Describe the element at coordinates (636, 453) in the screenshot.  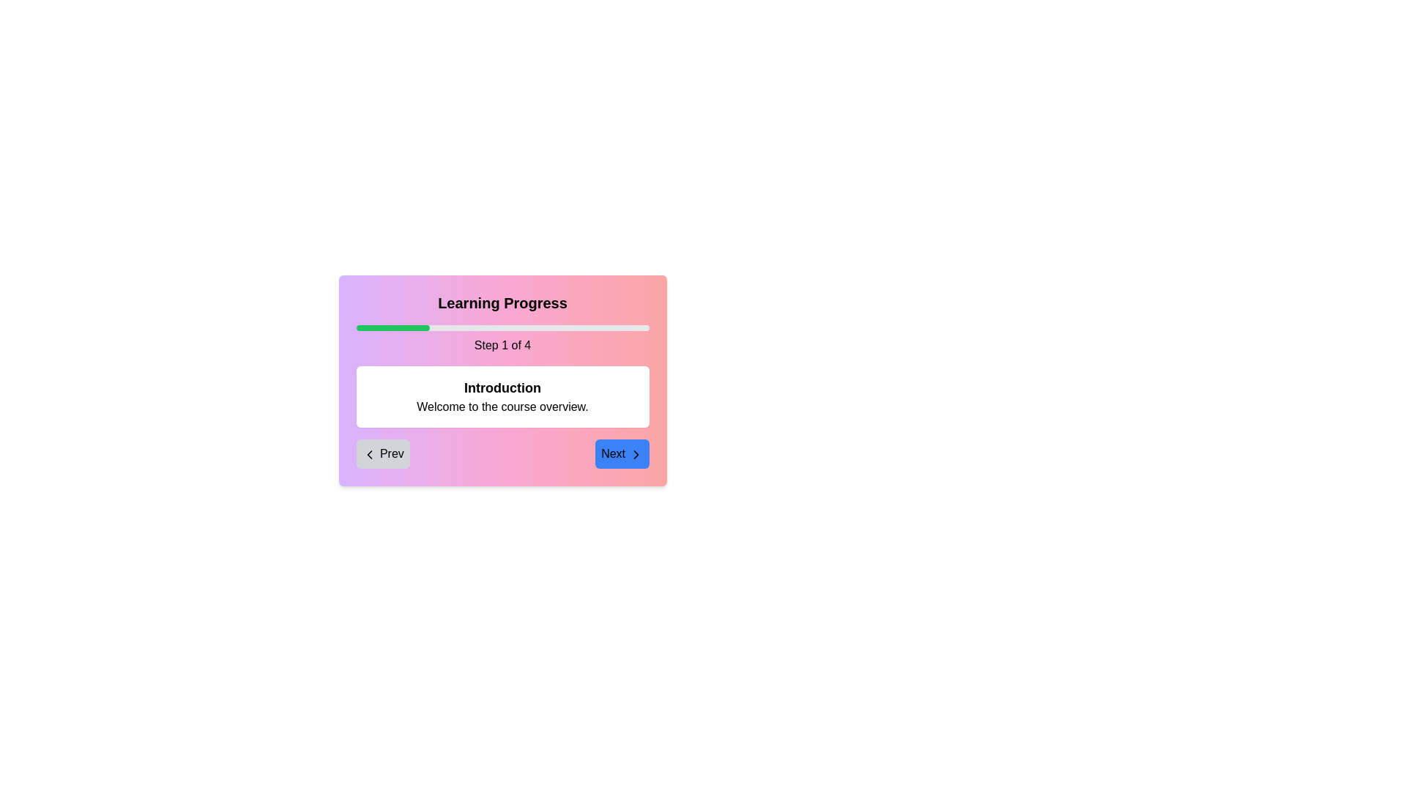
I see `the 'Next' button which contains the arrow-shaped icon indicating a forward action, located at the lower right corner of the card-like widget` at that location.